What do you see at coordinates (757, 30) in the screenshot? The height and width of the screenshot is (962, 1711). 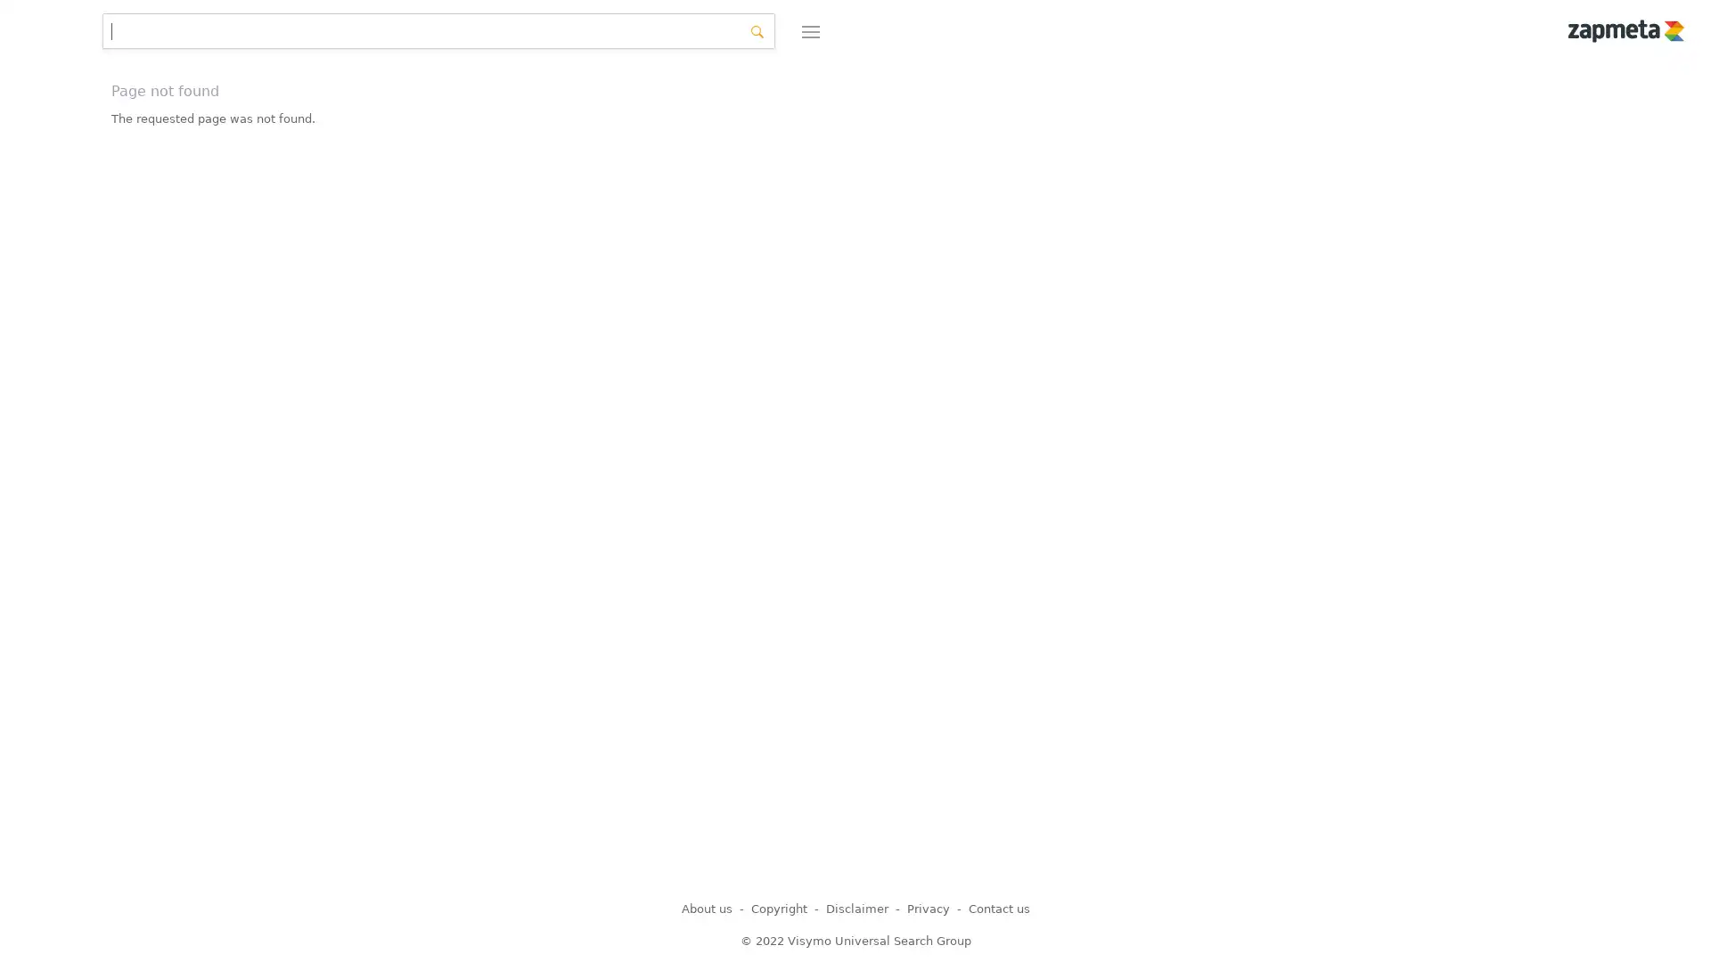 I see `search` at bounding box center [757, 30].